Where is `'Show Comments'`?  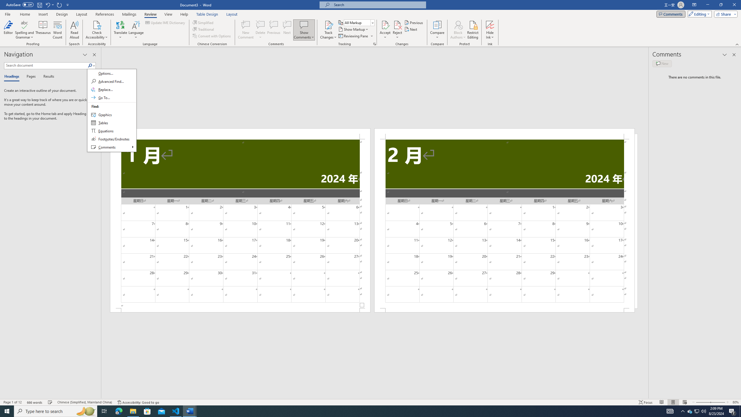
'Show Comments' is located at coordinates (304, 24).